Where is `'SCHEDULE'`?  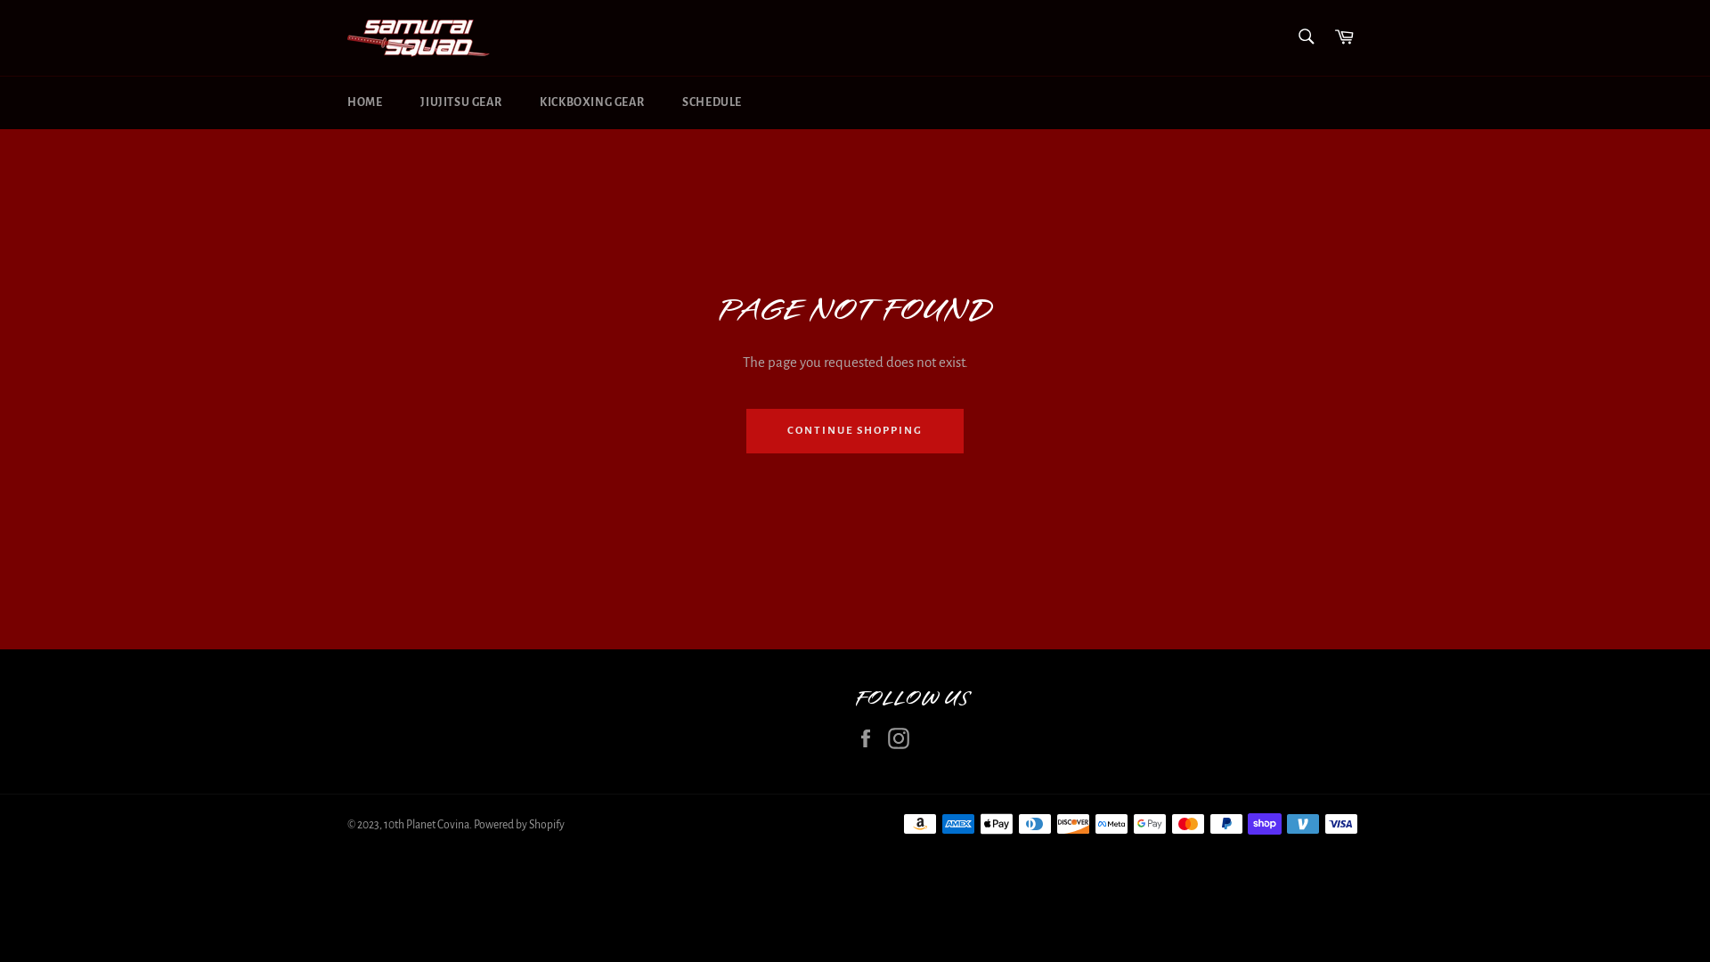 'SCHEDULE' is located at coordinates (711, 102).